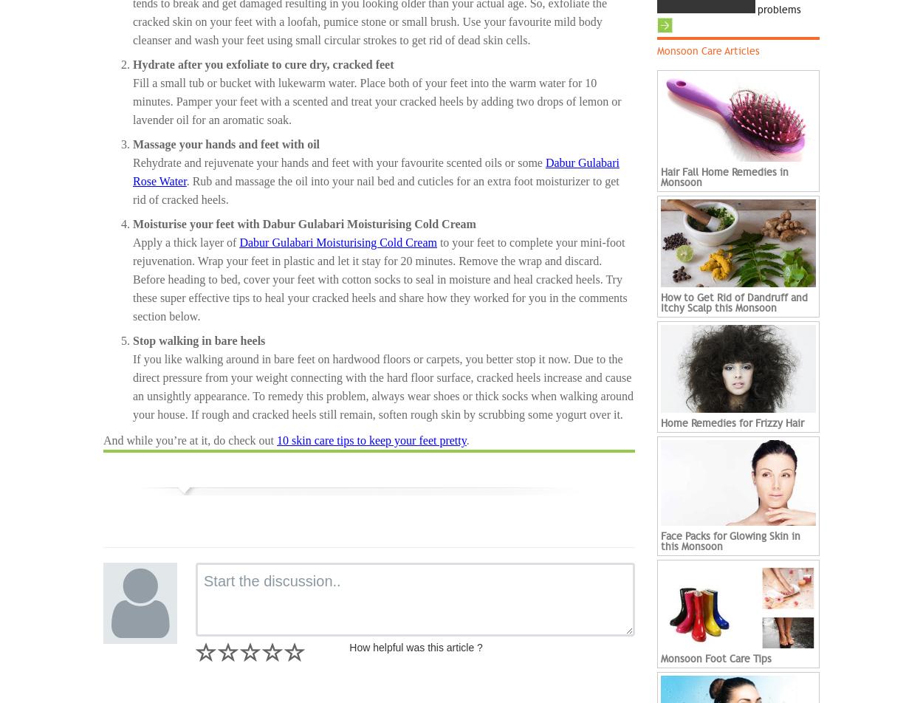 Image resolution: width=923 pixels, height=703 pixels. I want to click on 'How to Get Rid of Dandruff and Itchy Scalp this Monsoon', so click(733, 303).